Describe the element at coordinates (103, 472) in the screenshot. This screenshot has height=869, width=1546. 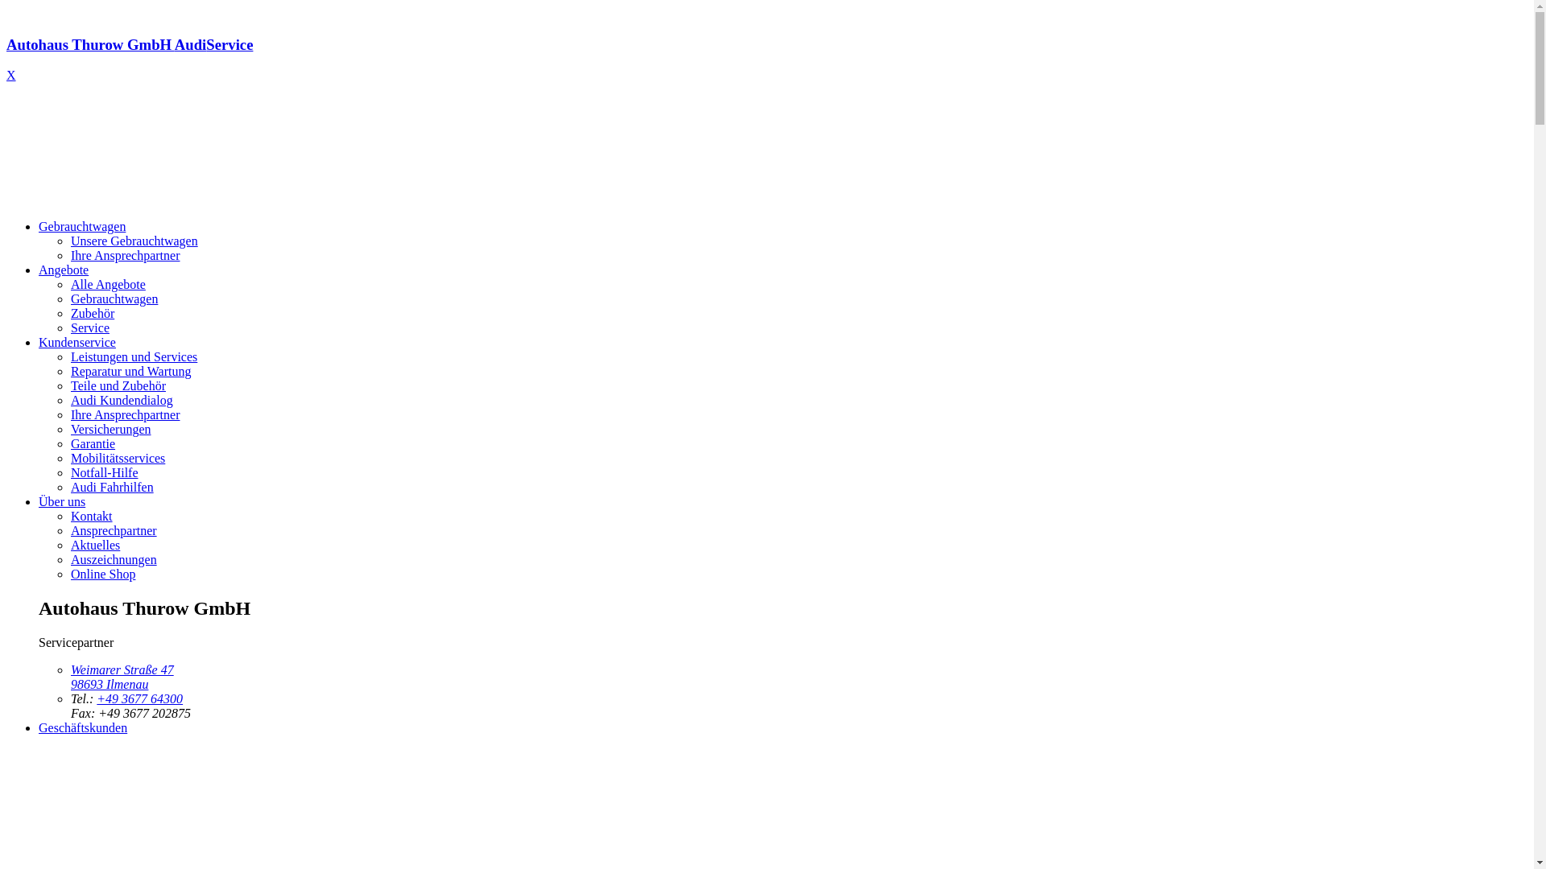
I see `'Notfall-Hilfe'` at that location.